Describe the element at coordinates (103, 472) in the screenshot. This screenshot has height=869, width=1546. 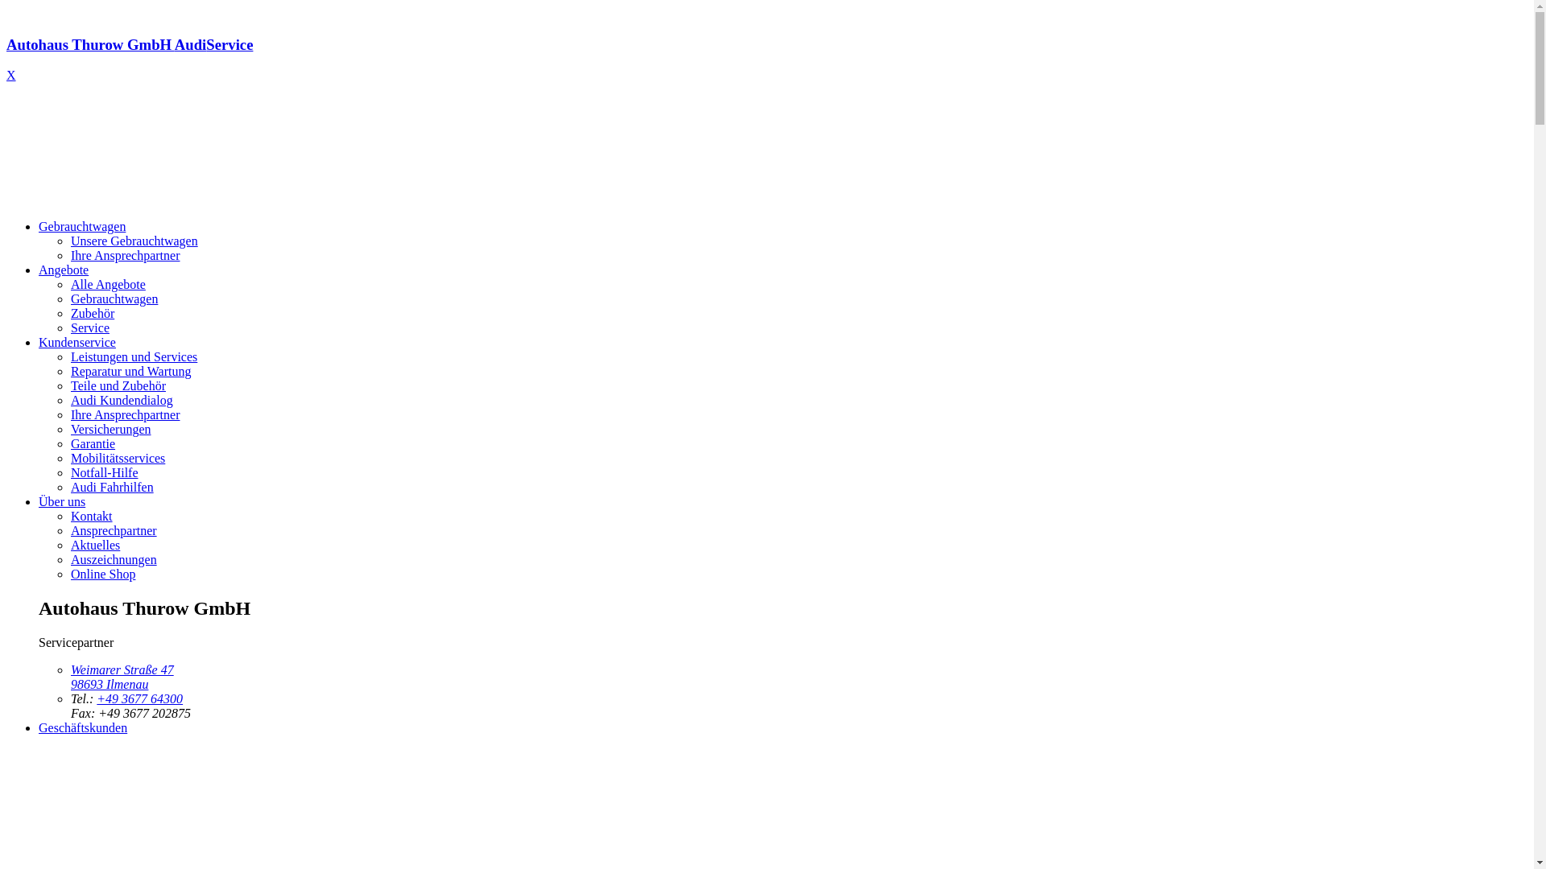
I see `'Notfall-Hilfe'` at that location.